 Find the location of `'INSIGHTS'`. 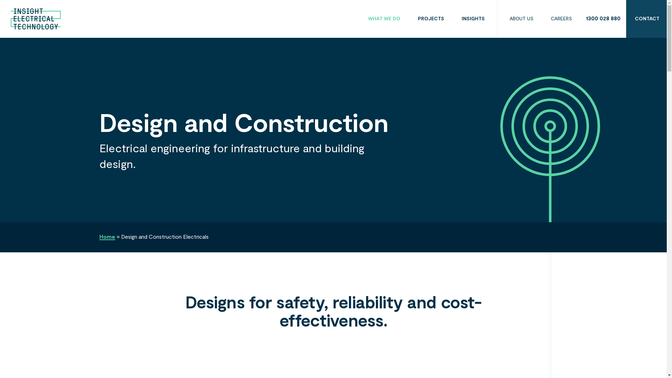

'INSIGHTS' is located at coordinates (453, 19).